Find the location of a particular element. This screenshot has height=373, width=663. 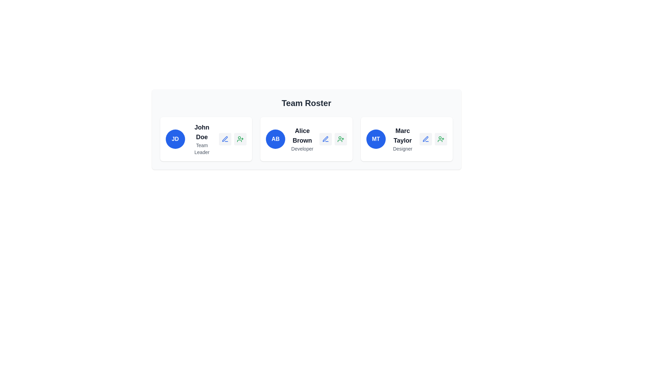

the green user icon button with a '+' symbol is located at coordinates (441, 139).